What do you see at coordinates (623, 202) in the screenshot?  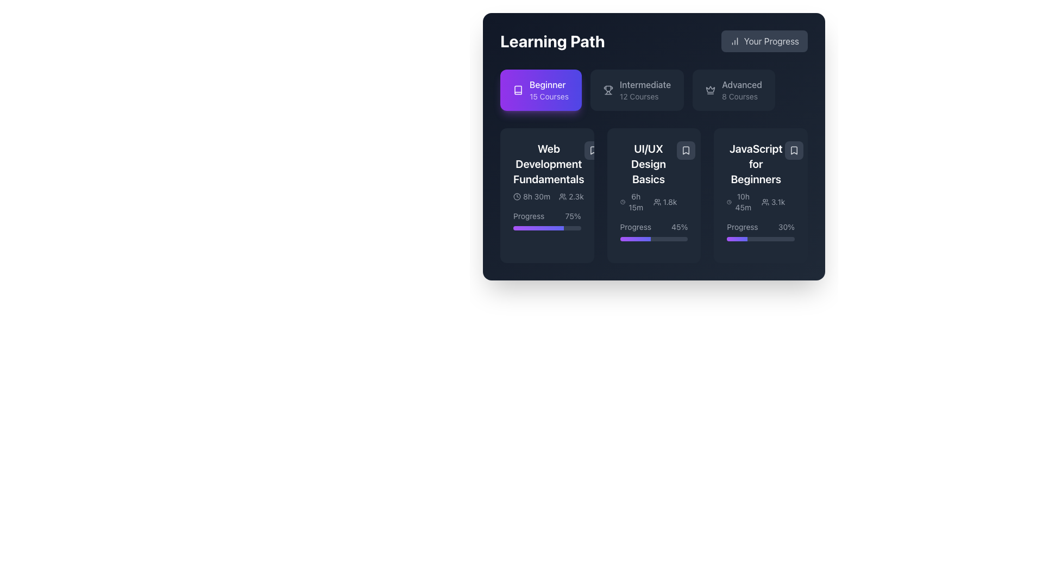 I see `the time duration icon located to the left of the text '6h 15m' in the card labeled 'UI/UX Design Basics'` at bounding box center [623, 202].